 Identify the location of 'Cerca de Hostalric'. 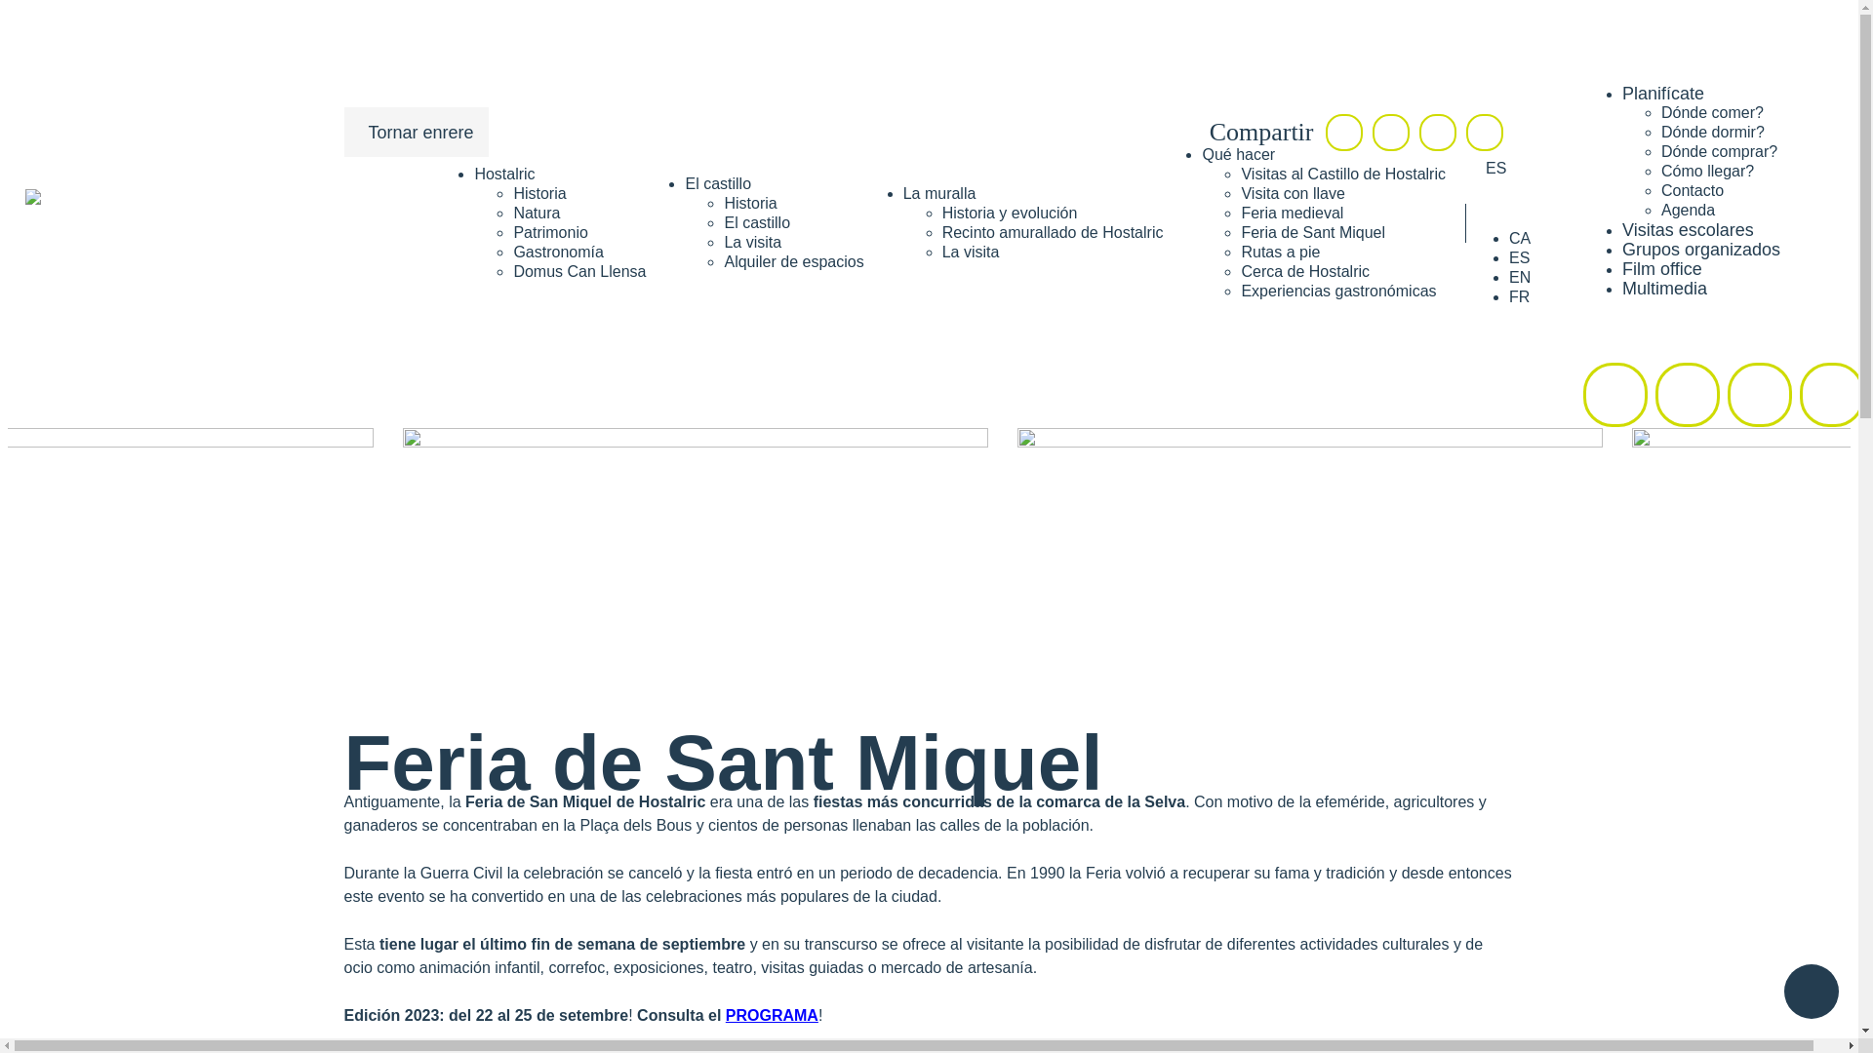
(1305, 271).